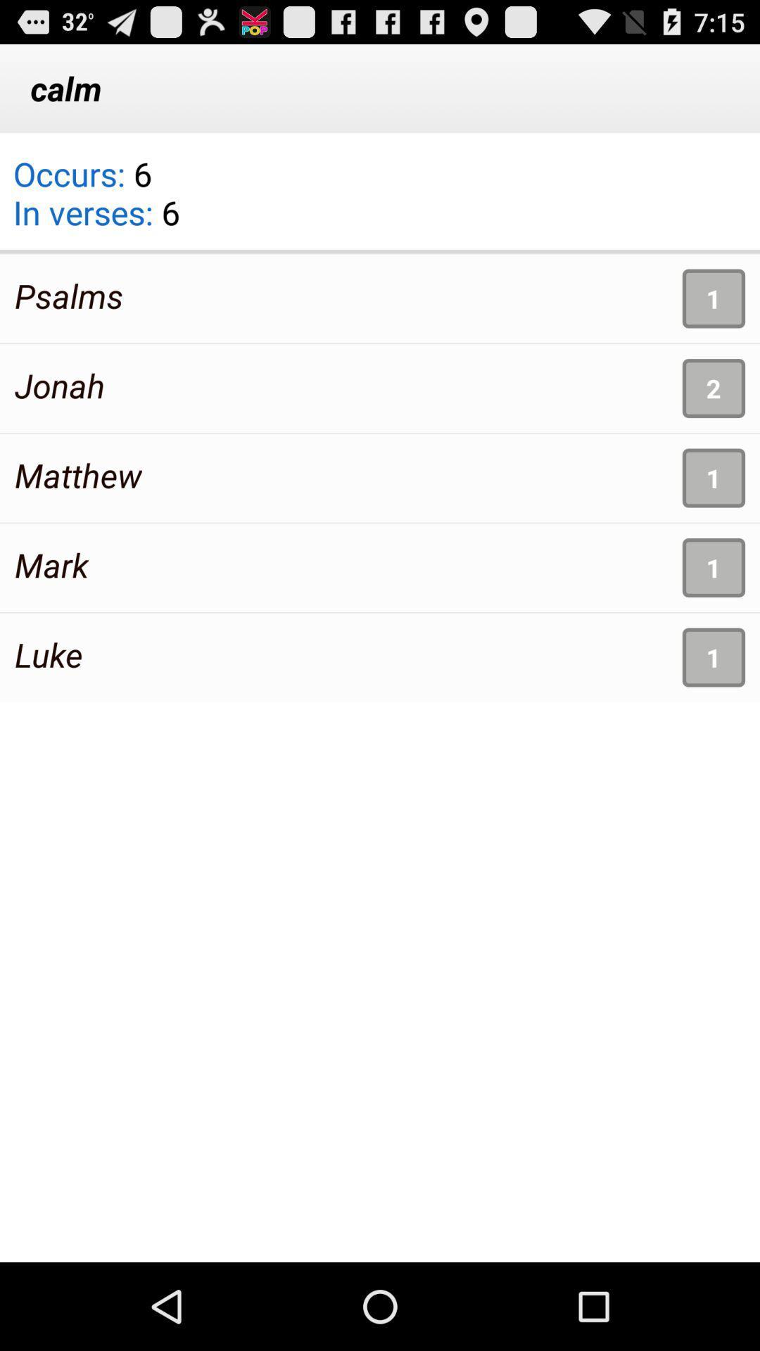 The height and width of the screenshot is (1351, 760). I want to click on the icon to the left of the 1, so click(69, 295).